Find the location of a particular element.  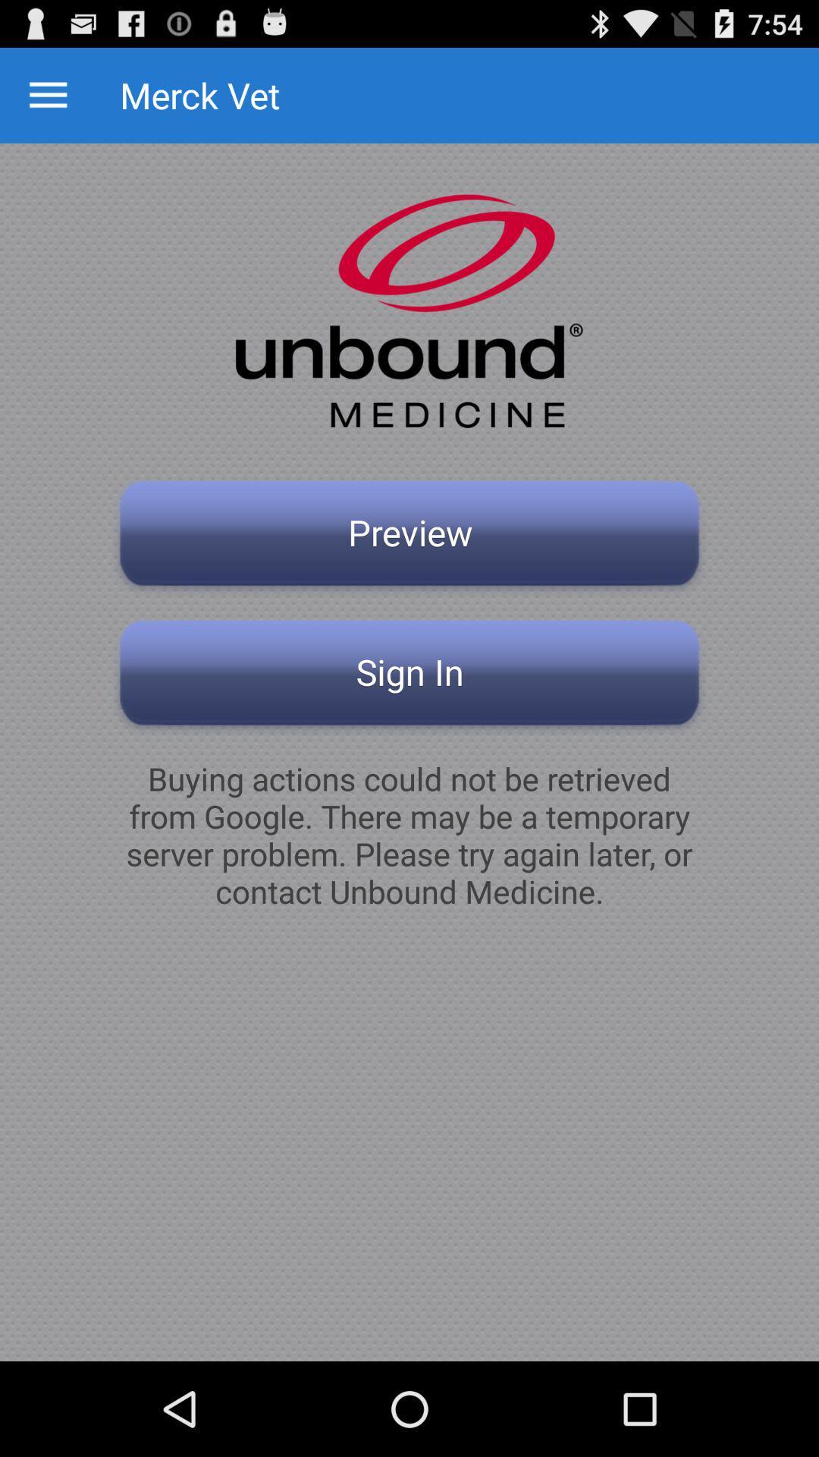

item above the sign in icon is located at coordinates (409, 537).